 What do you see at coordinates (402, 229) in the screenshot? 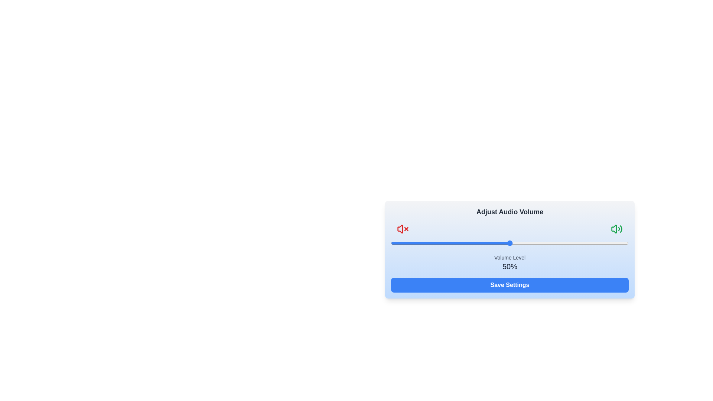
I see `the mute icon to toggle its state` at bounding box center [402, 229].